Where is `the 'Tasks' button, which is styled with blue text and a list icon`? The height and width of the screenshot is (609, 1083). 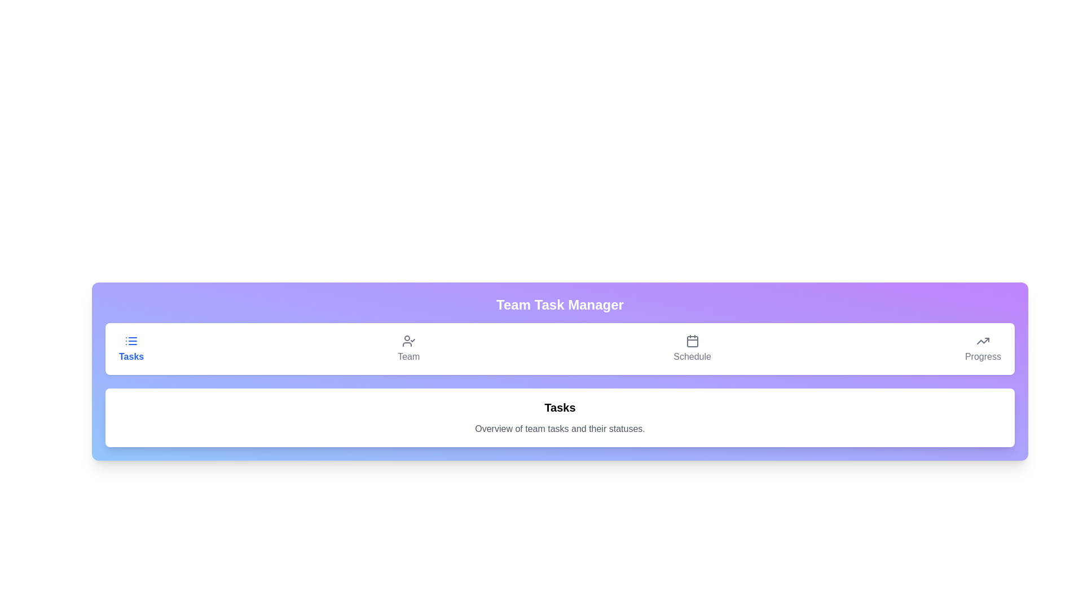
the 'Tasks' button, which is styled with blue text and a list icon is located at coordinates (131, 348).